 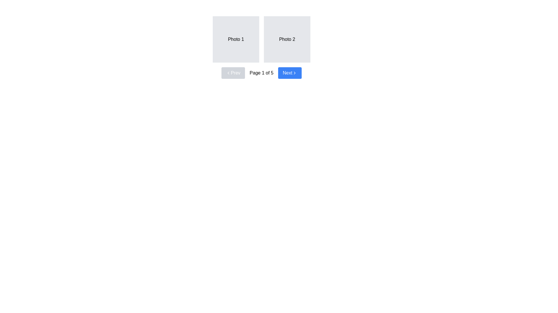 I want to click on the static pagination status label located between the 'Prev' and 'Next' buttons, so click(x=261, y=72).